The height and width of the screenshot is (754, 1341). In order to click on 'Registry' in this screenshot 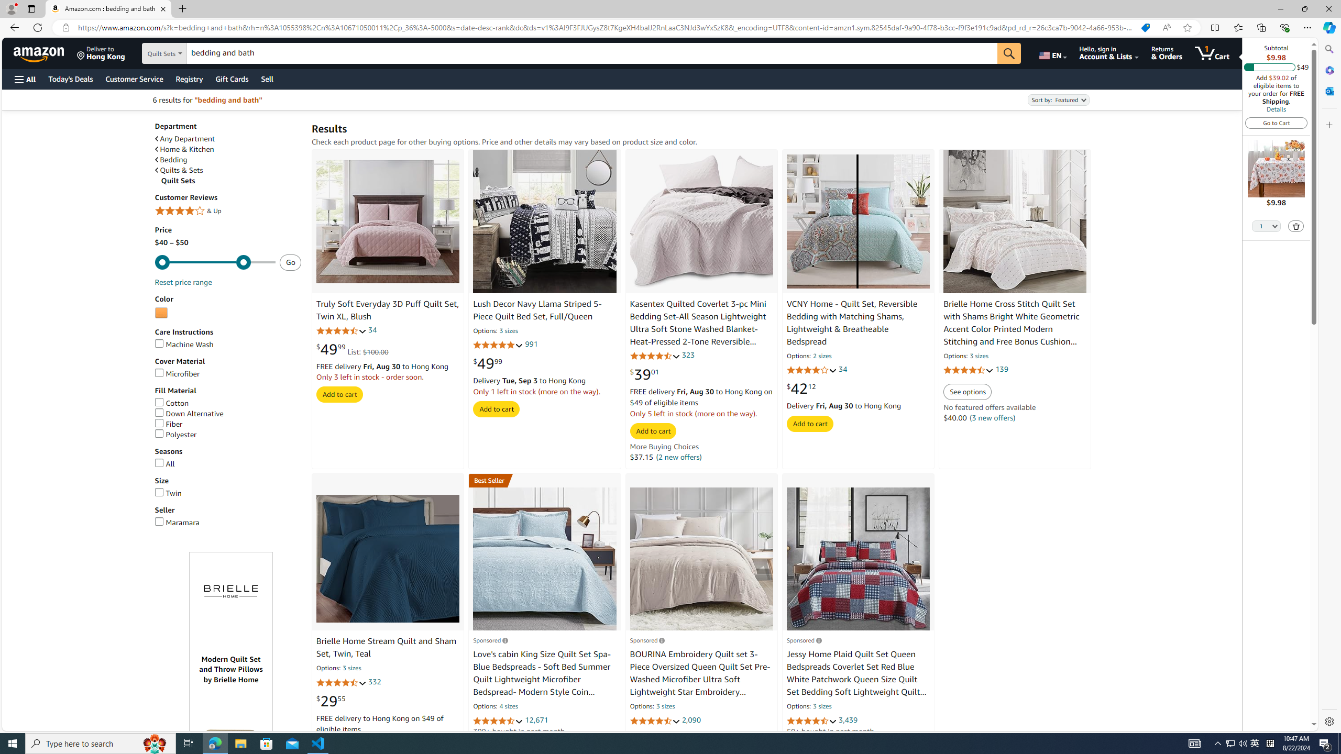, I will do `click(188, 79)`.